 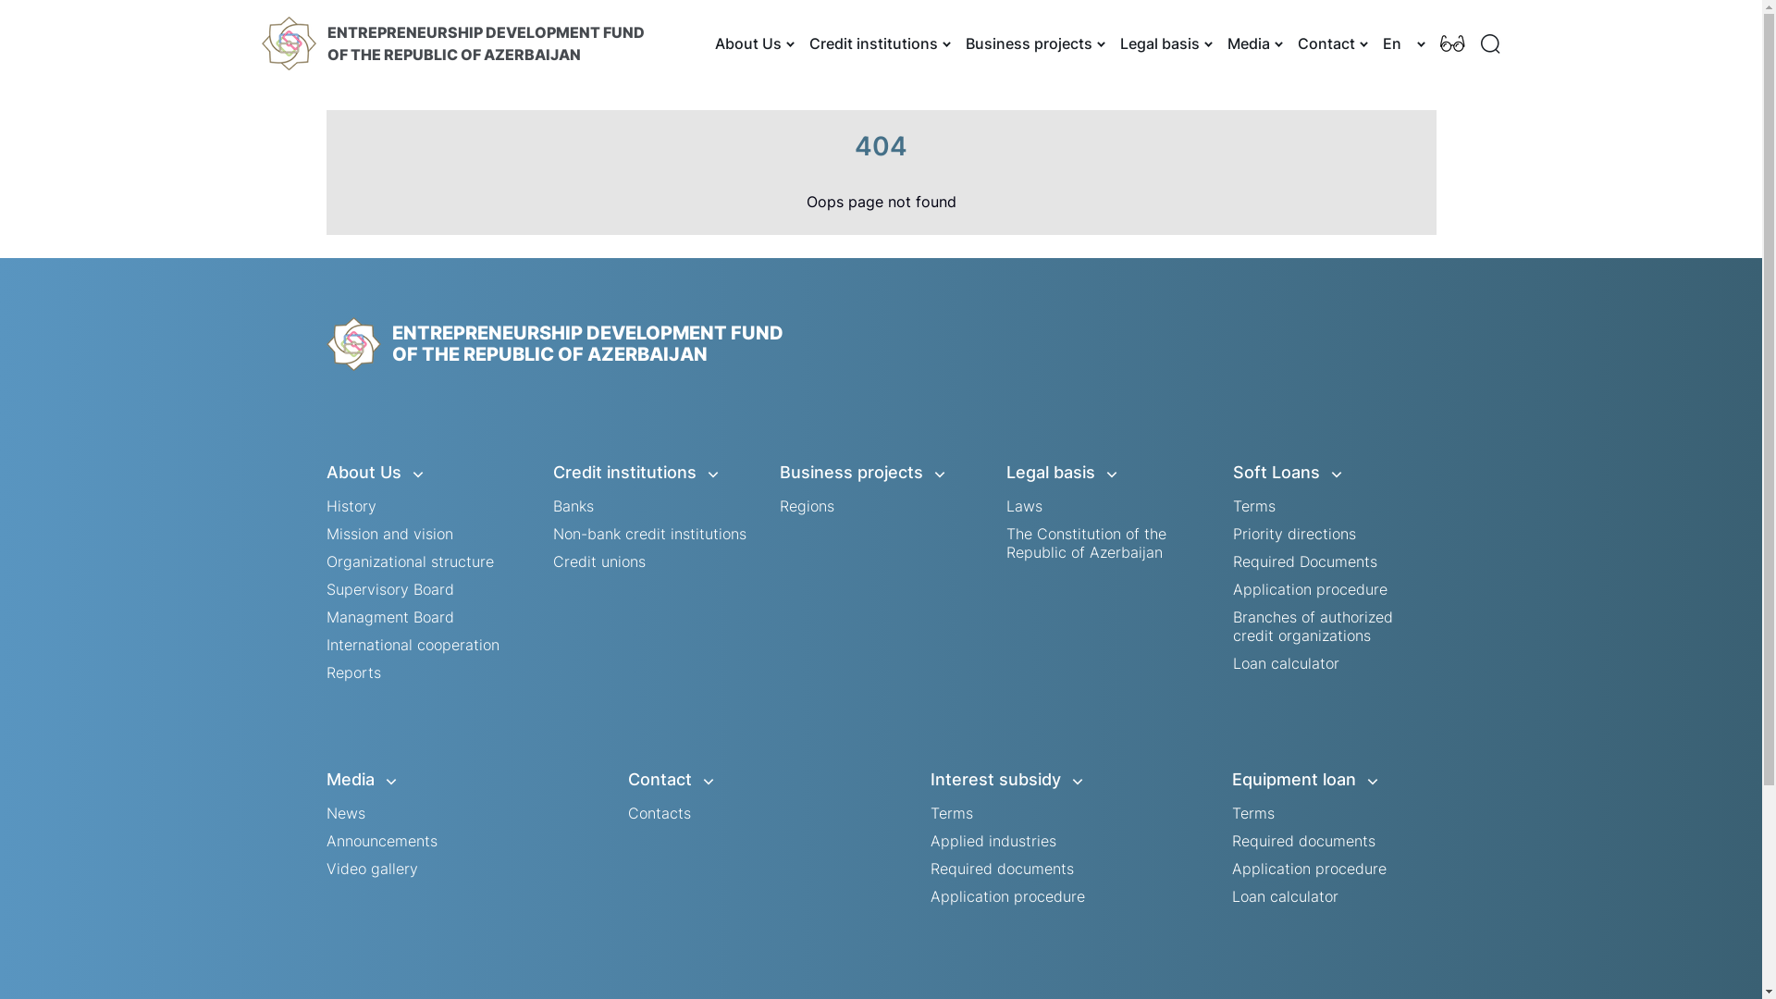 What do you see at coordinates (1329, 42) in the screenshot?
I see `'Contact'` at bounding box center [1329, 42].